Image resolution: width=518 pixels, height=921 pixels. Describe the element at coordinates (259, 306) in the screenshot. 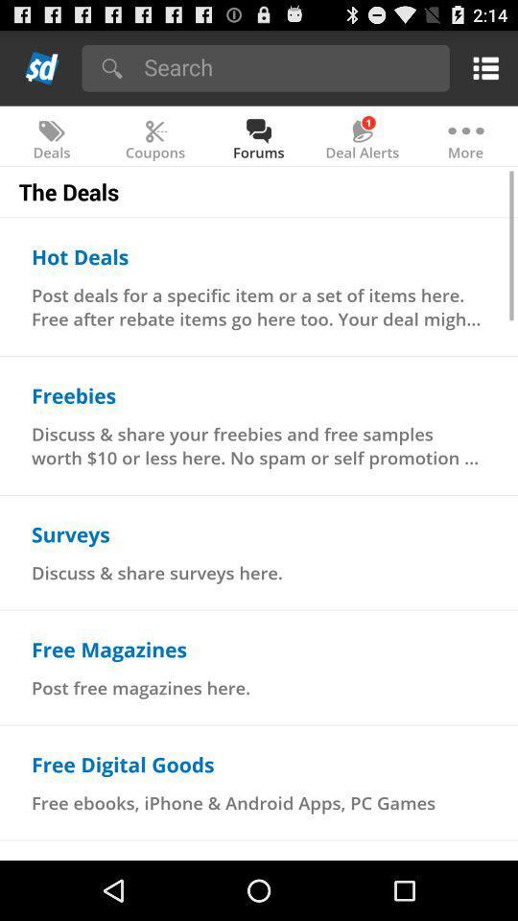

I see `the post deals for item` at that location.